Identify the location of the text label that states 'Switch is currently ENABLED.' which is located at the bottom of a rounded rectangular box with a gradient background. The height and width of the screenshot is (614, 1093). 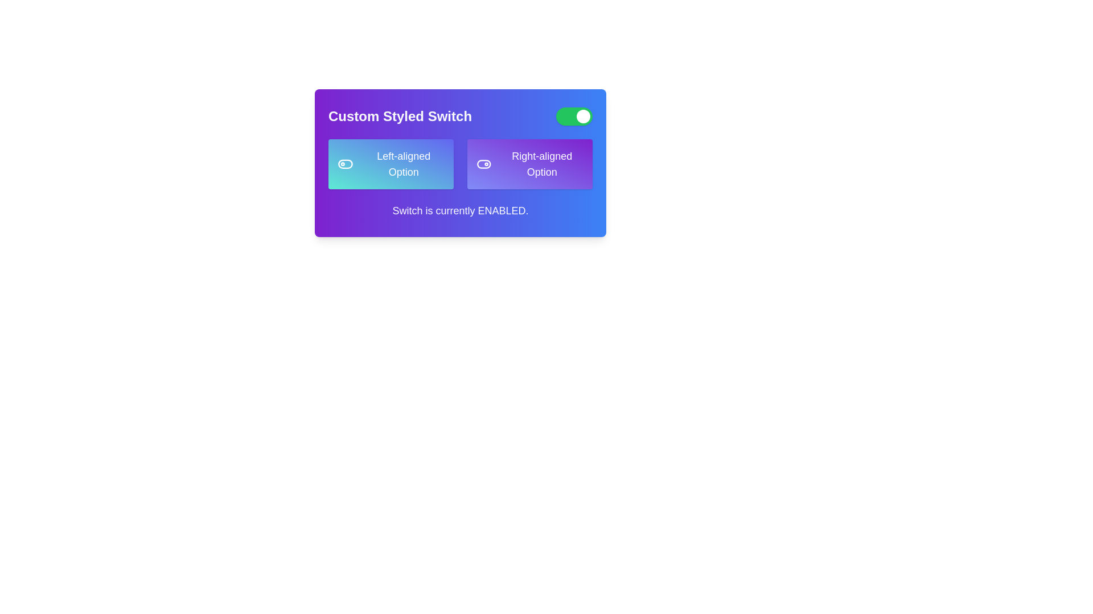
(461, 210).